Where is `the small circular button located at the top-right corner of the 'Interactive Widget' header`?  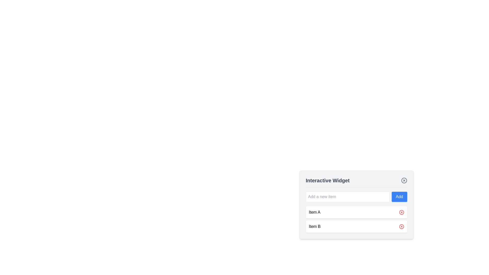 the small circular button located at the top-right corner of the 'Interactive Widget' header is located at coordinates (404, 180).